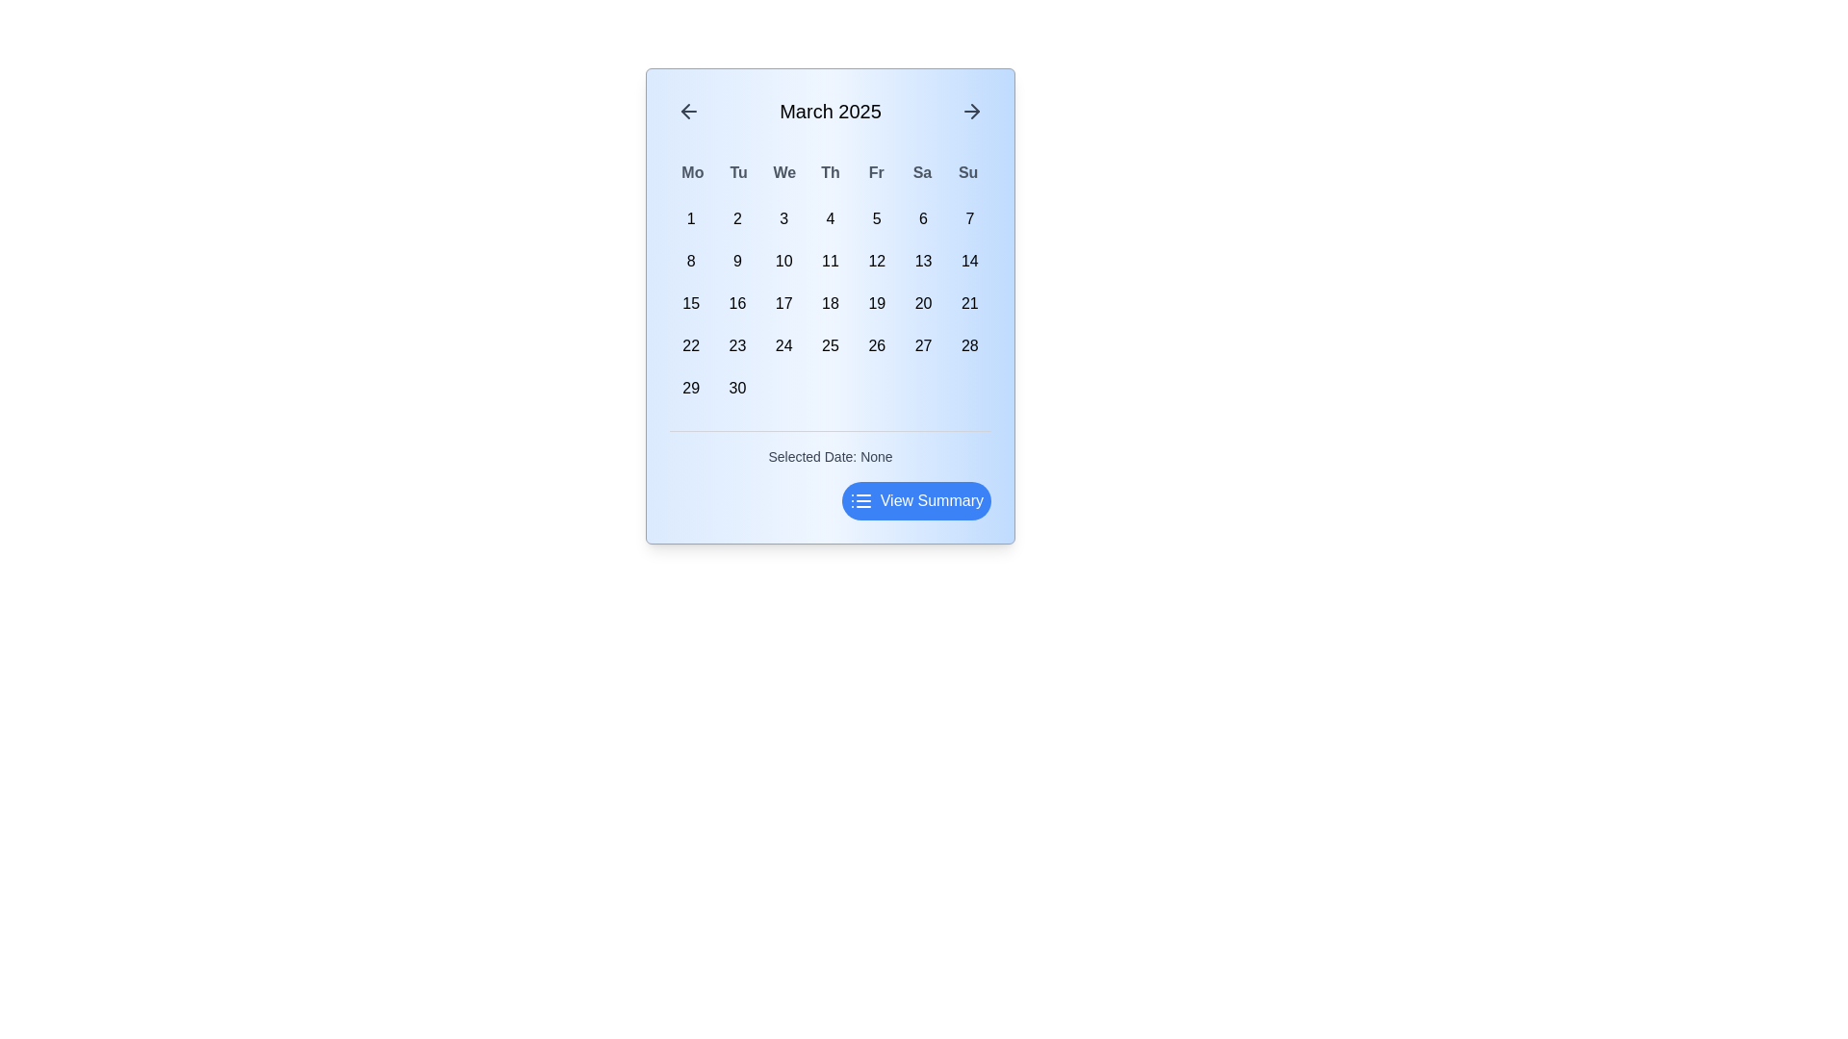 This screenshot has height=1039, width=1848. I want to click on the text label displaying 'We', which is located in the third column of the header row in the calendar interface, representing a day of the week, so click(784, 173).